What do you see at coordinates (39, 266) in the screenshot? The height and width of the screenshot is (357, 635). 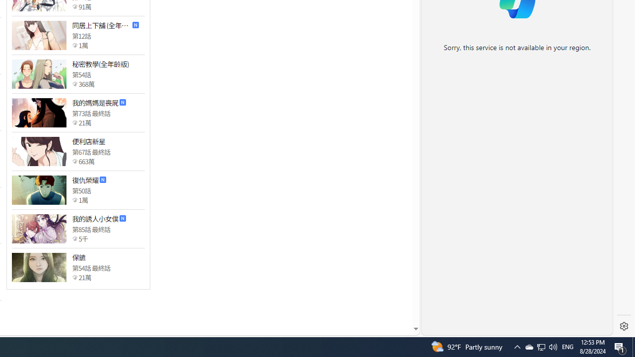 I see `'Class: thumb_img'` at bounding box center [39, 266].